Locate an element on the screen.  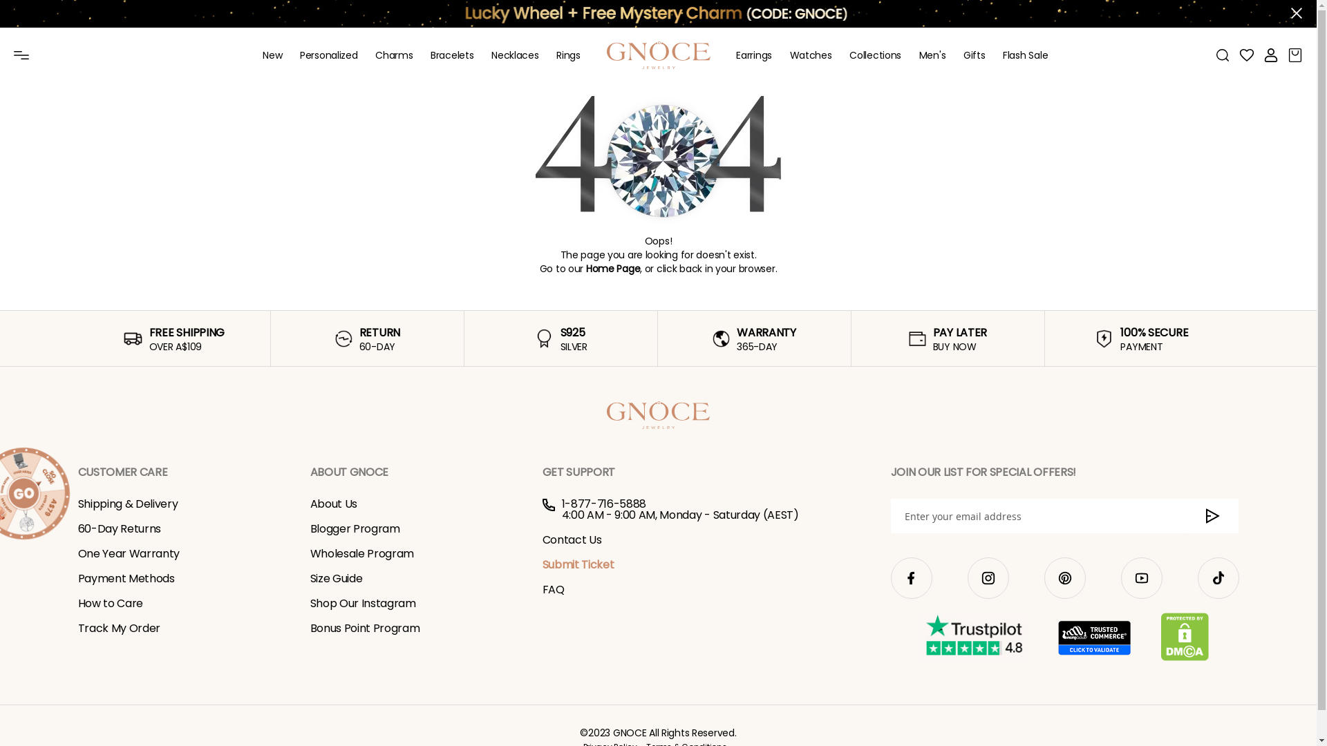
'Charms' is located at coordinates (375, 55).